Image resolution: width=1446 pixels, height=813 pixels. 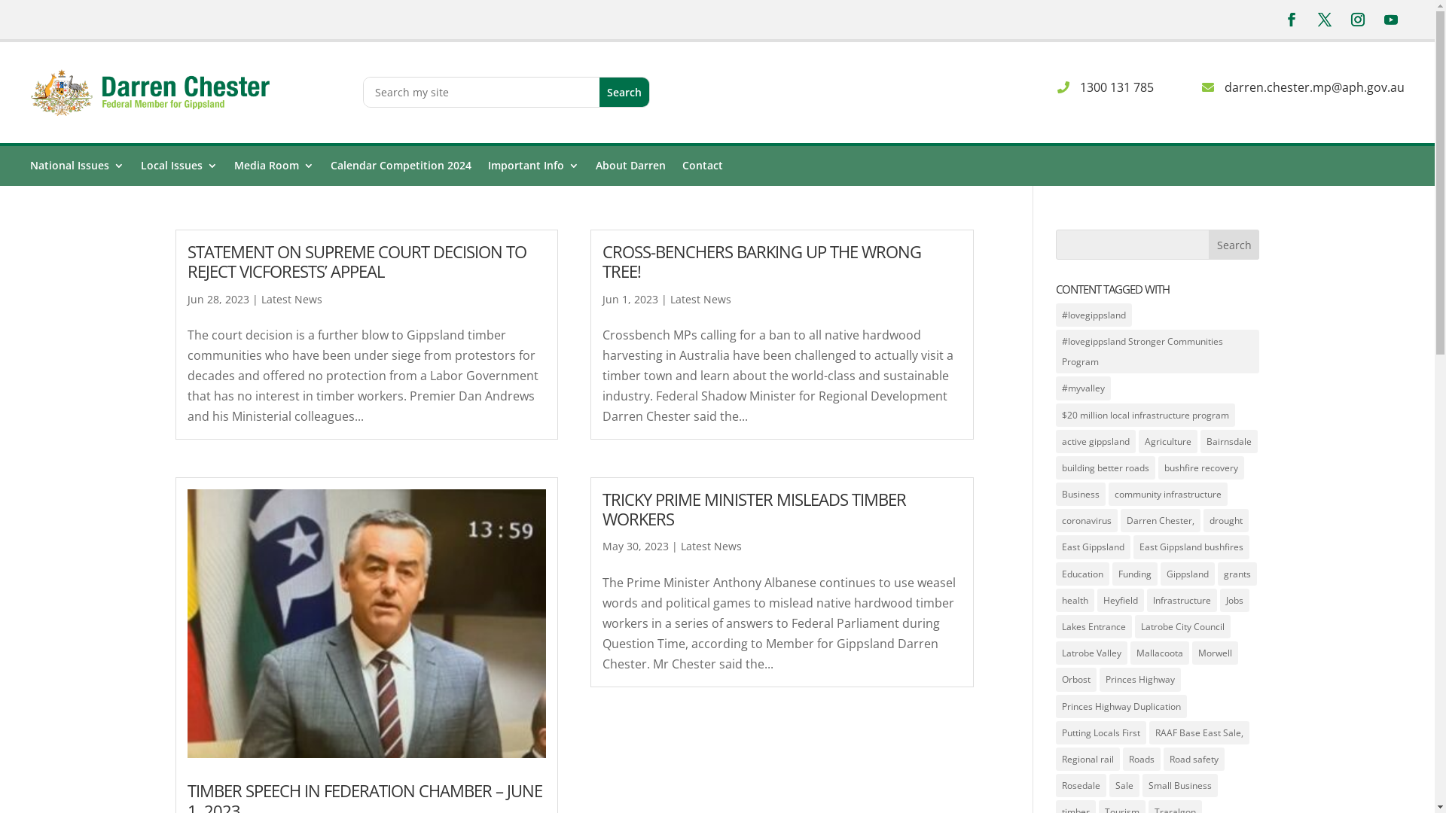 I want to click on 'Mallacoota', so click(x=1159, y=652).